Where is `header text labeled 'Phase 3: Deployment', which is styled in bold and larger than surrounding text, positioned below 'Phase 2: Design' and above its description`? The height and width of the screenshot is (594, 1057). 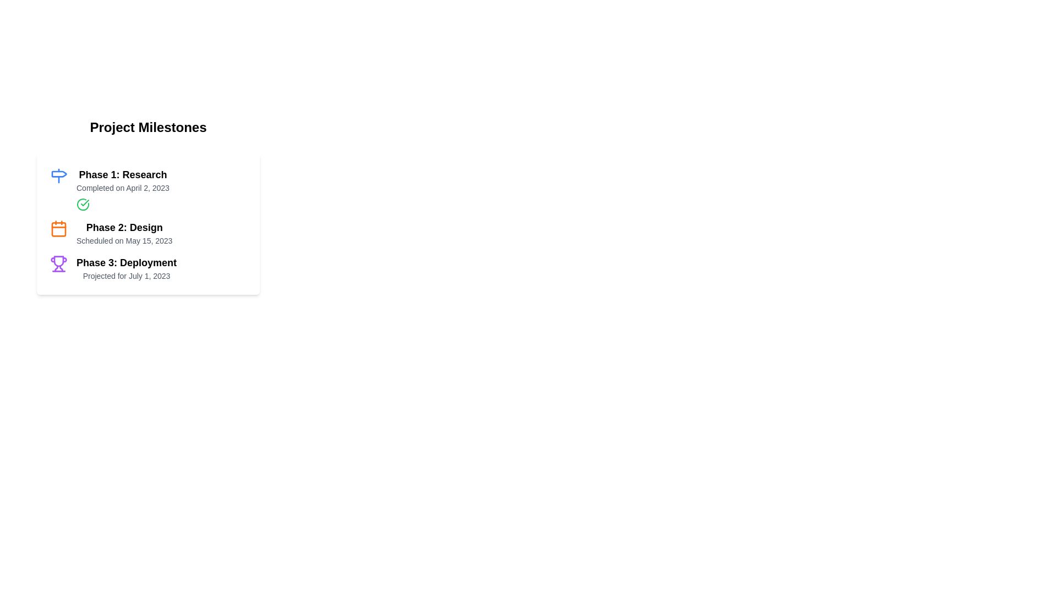
header text labeled 'Phase 3: Deployment', which is styled in bold and larger than surrounding text, positioned below 'Phase 2: Design' and above its description is located at coordinates (127, 263).